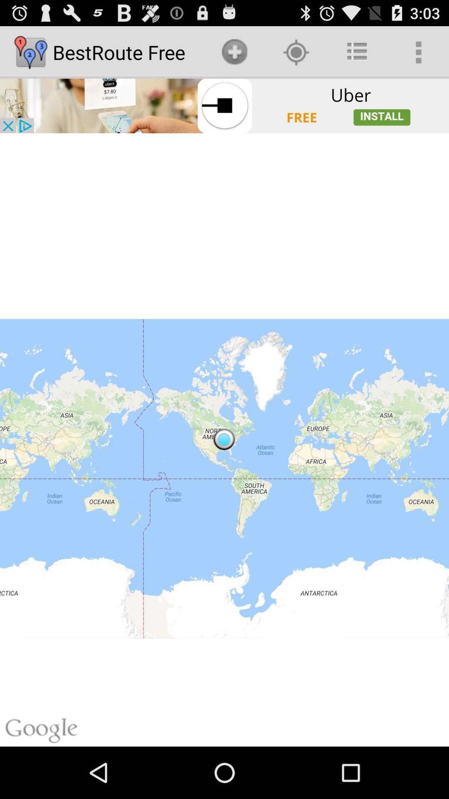 The width and height of the screenshot is (449, 799). I want to click on click advertisement, so click(224, 105).